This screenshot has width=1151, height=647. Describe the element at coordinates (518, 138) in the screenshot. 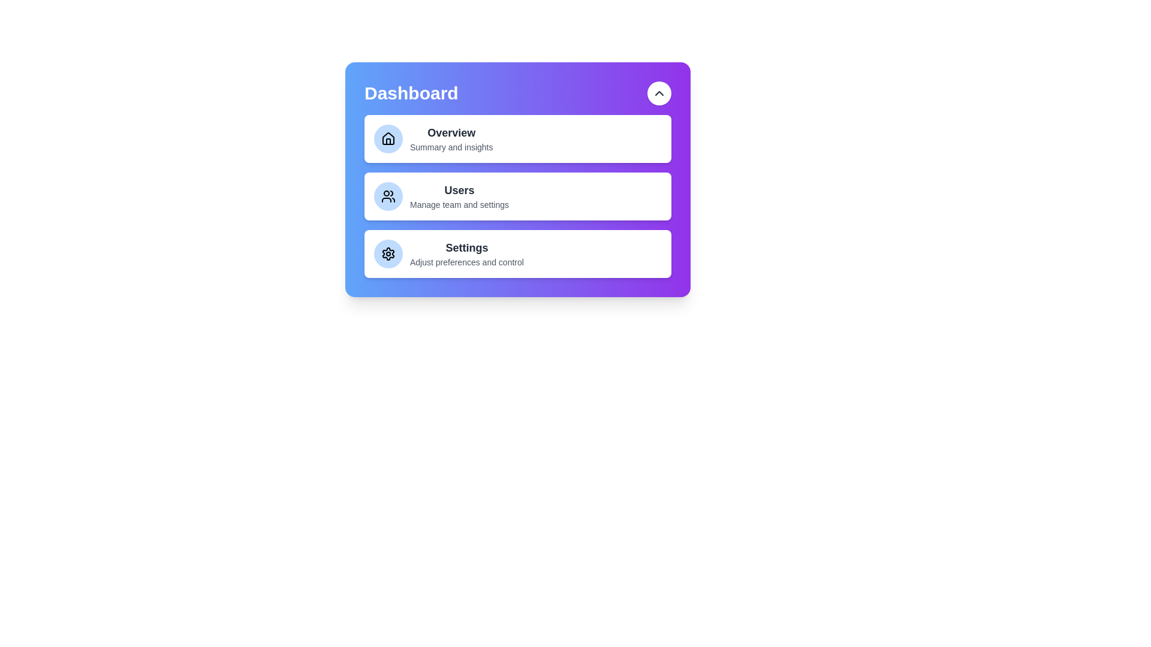

I see `the menu item Overview to select it` at that location.